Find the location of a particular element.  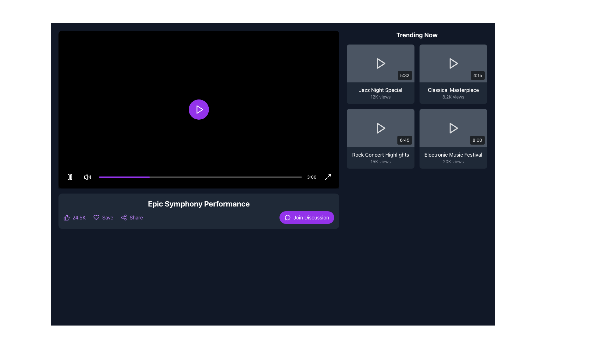

the fullscreen toggle button located at the far-right corner of the horizontal bar containing the time tracker and progress bar to maximize or restore the video display is located at coordinates (328, 177).